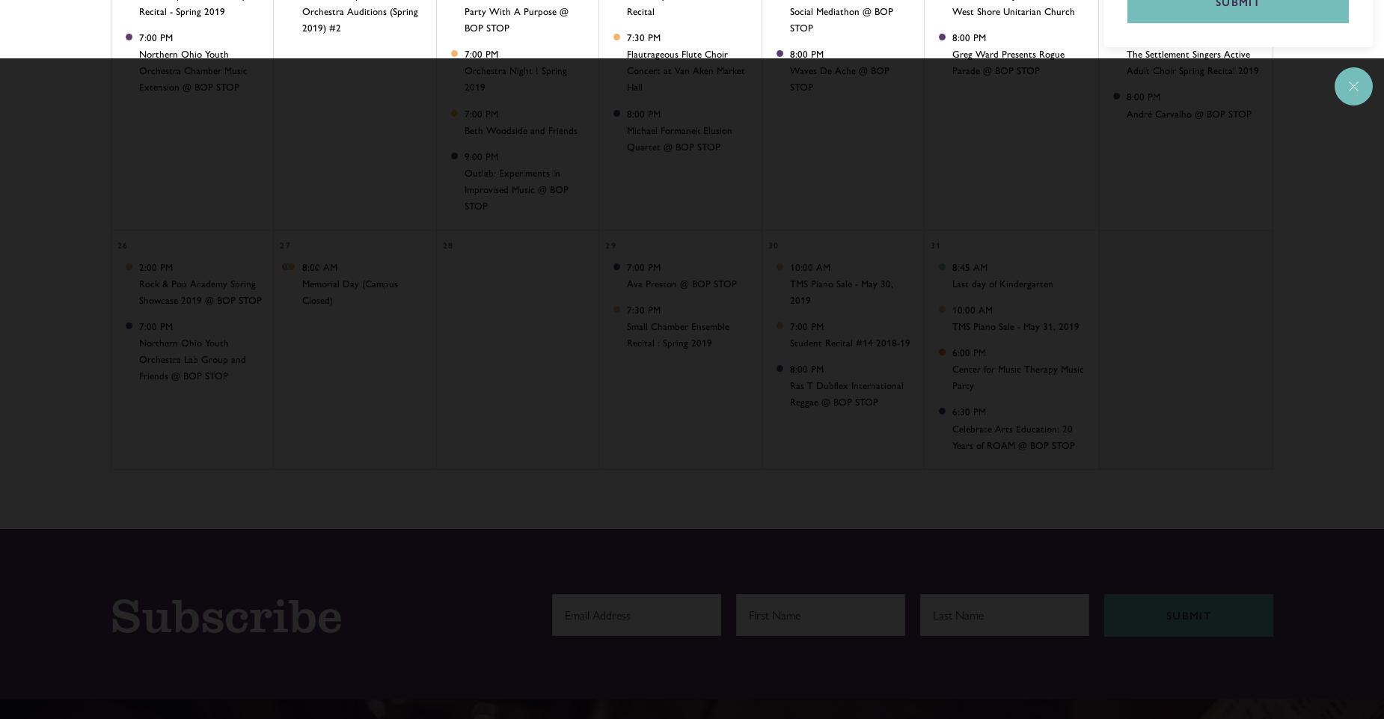 This screenshot has height=719, width=1384. I want to click on 'Submit', so click(1166, 615).